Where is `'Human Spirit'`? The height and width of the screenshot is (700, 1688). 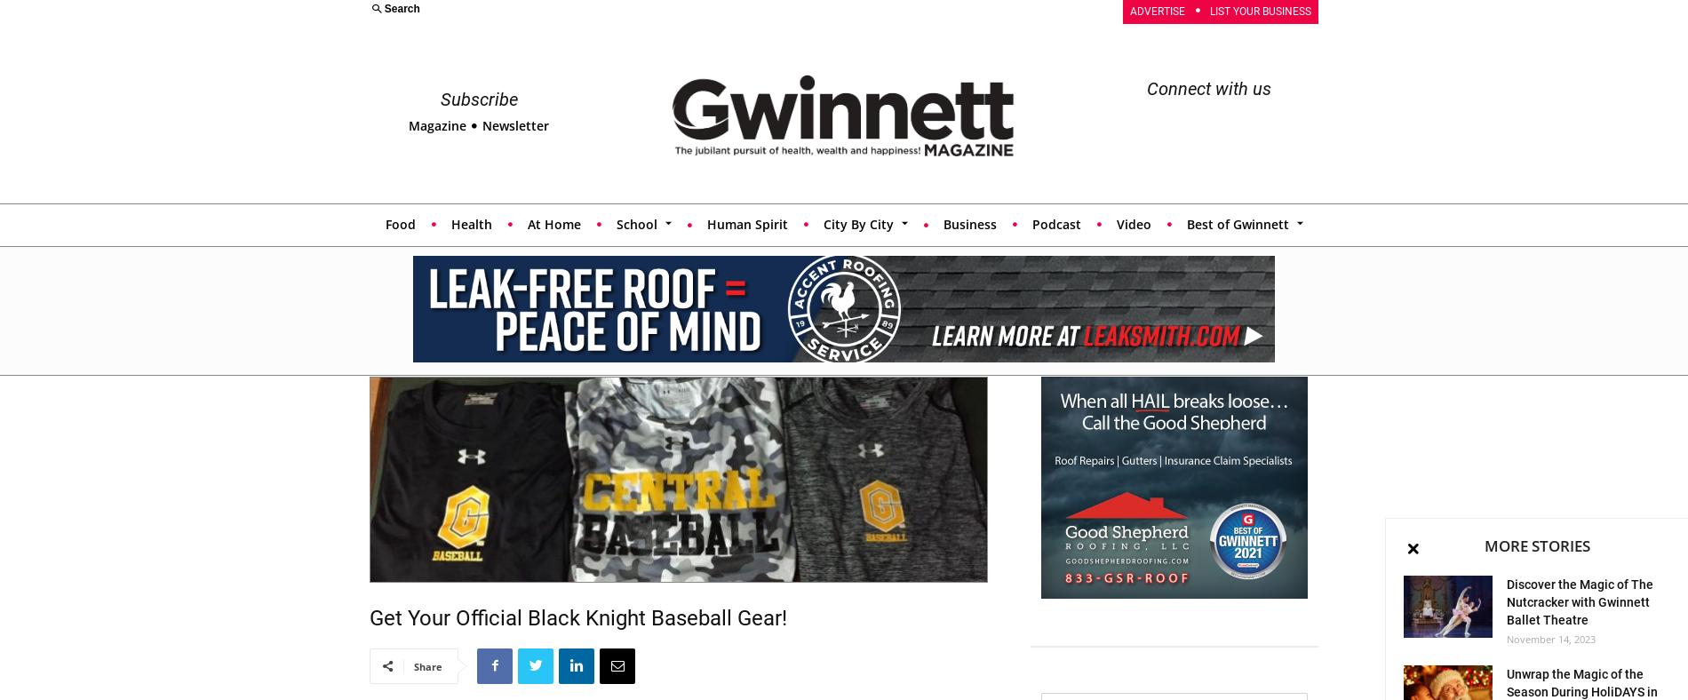 'Human Spirit' is located at coordinates (745, 222).